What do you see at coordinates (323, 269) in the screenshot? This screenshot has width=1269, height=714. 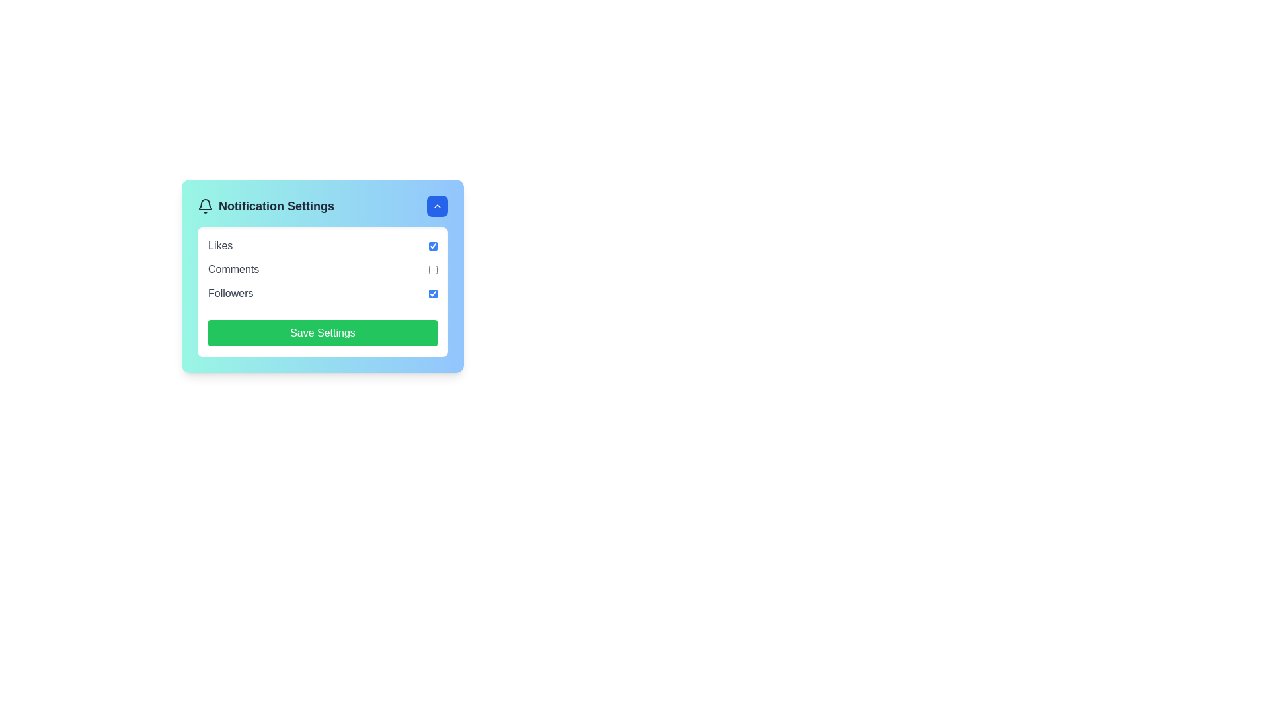 I see `the labeled checkbox for comments` at bounding box center [323, 269].